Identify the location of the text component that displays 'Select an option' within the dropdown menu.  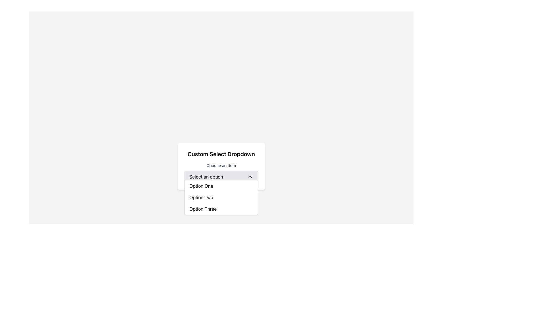
(206, 177).